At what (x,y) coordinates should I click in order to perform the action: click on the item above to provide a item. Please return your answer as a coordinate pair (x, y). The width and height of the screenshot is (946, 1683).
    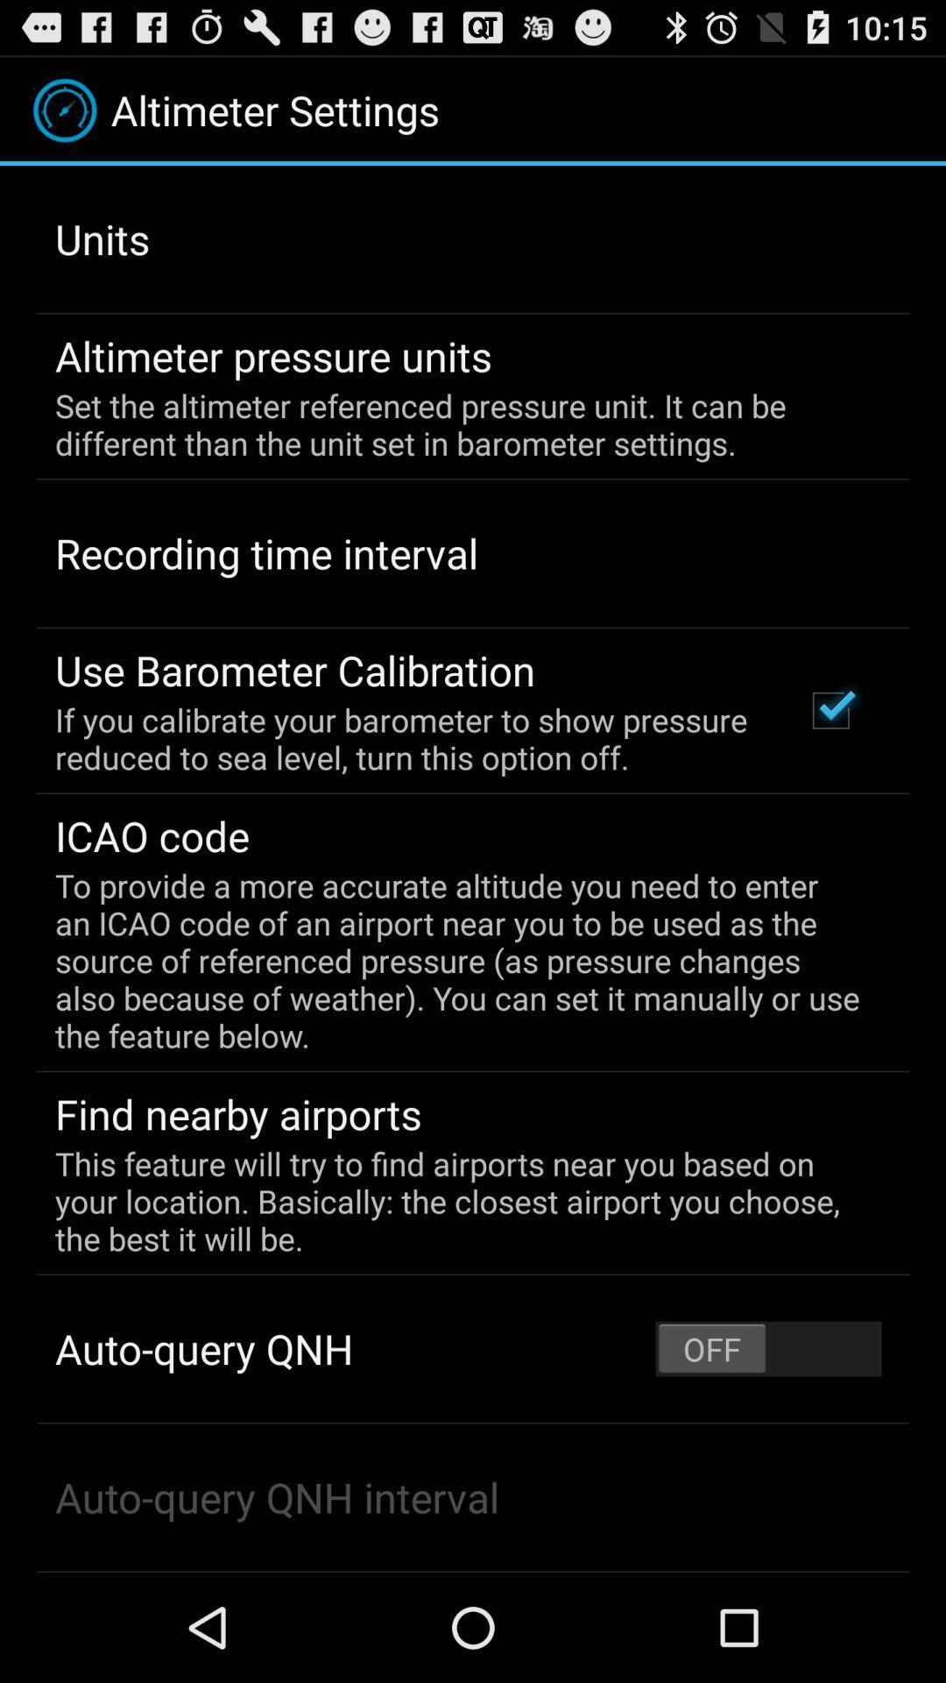
    Looking at the image, I should click on (830, 710).